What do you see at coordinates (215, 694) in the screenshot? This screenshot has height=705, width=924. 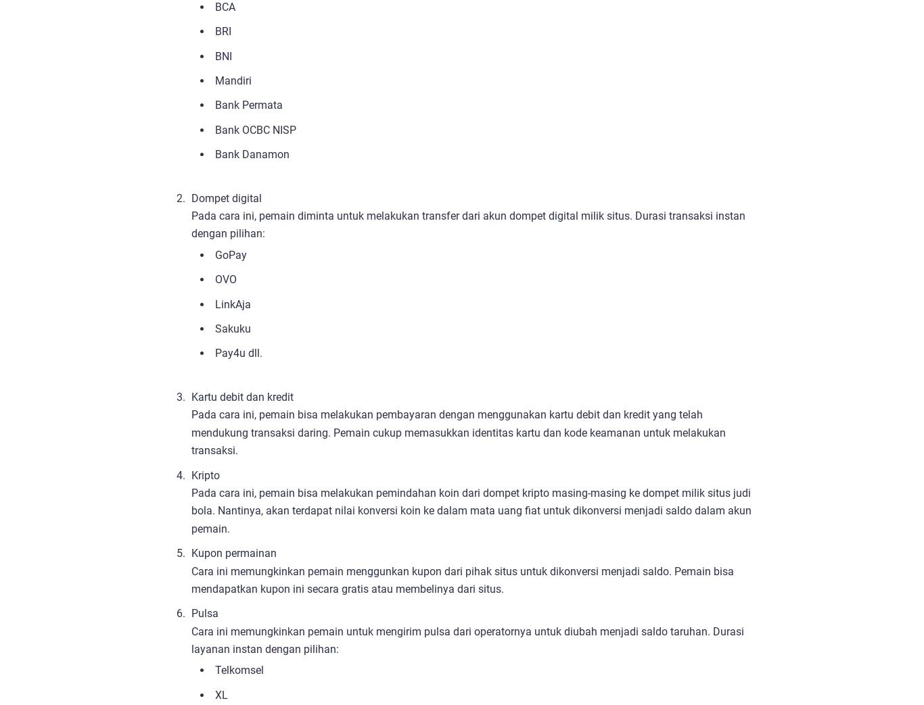 I see `'XL'` at bounding box center [215, 694].